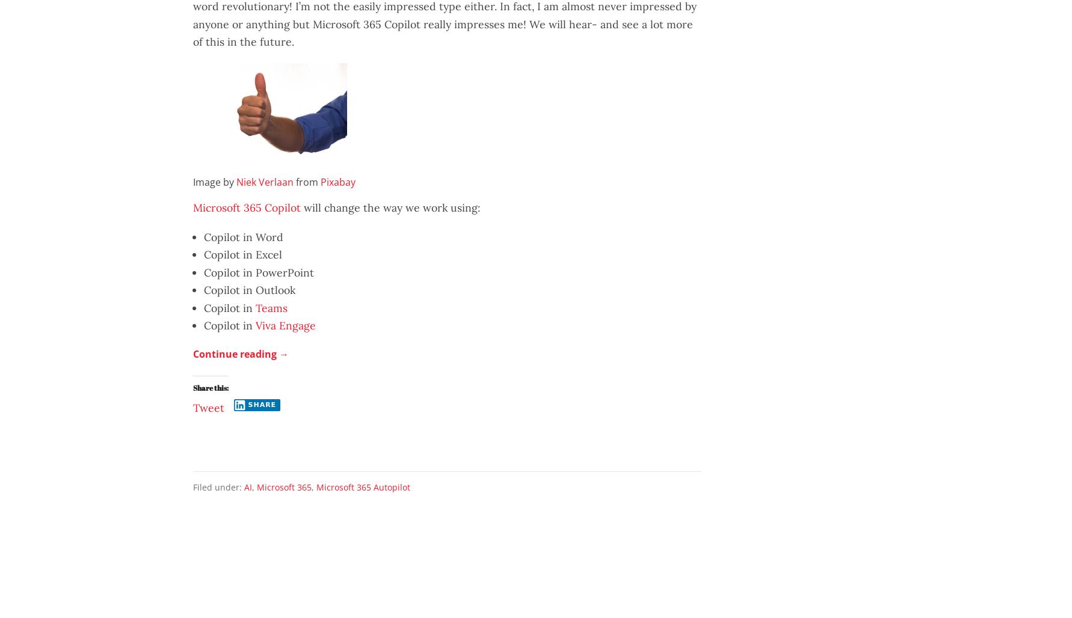 The width and height of the screenshot is (1072, 618). What do you see at coordinates (254, 307) in the screenshot?
I see `'Teams'` at bounding box center [254, 307].